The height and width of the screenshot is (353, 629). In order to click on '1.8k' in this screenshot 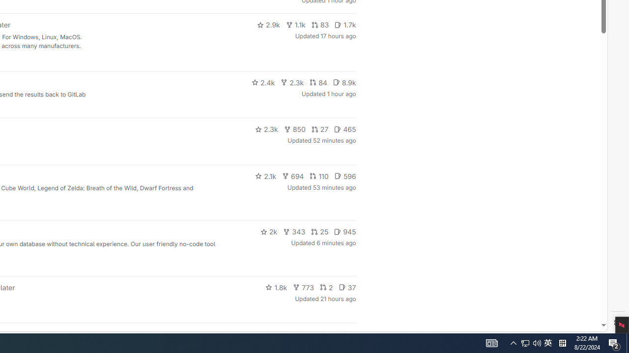, I will do `click(276, 287)`.